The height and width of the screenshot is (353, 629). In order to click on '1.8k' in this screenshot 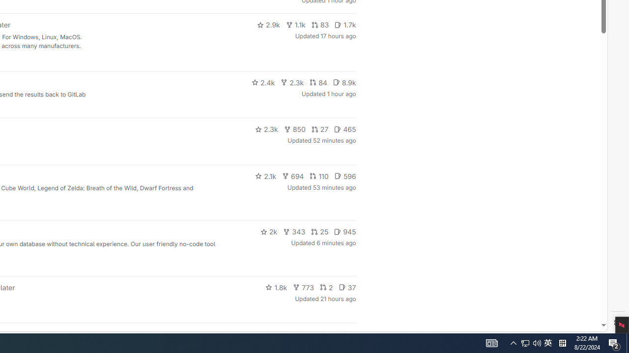, I will do `click(276, 287)`.